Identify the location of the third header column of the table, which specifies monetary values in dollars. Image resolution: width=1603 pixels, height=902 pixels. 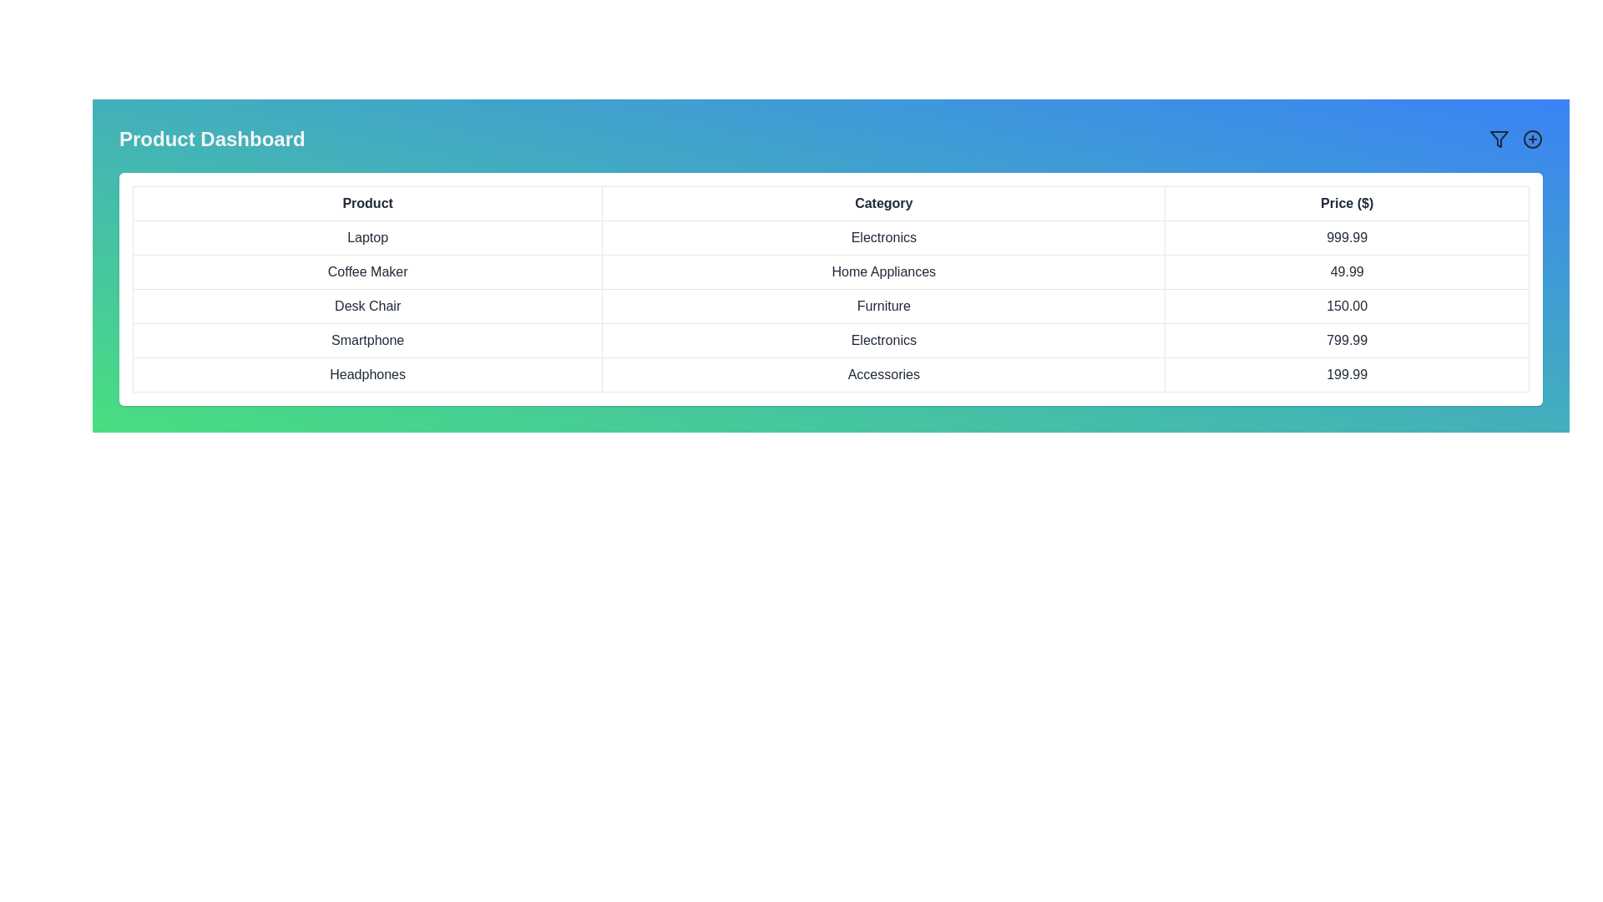
(1347, 202).